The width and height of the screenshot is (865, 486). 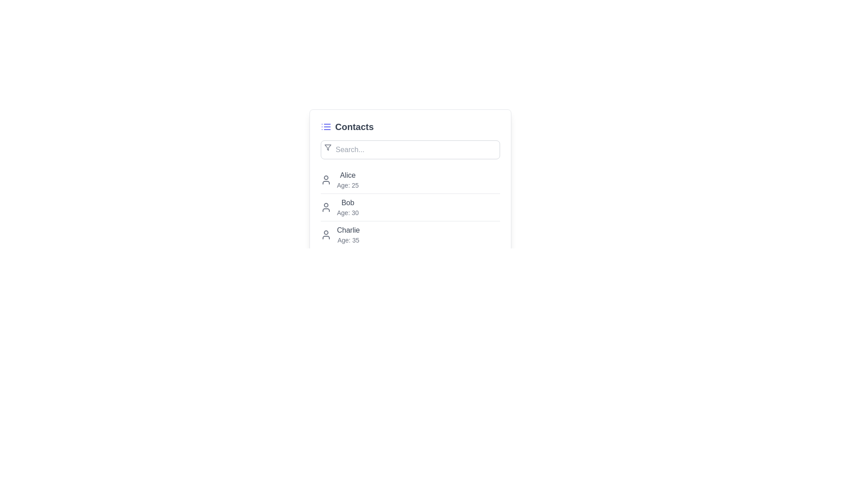 I want to click on topmost list item labeled 'Alice' that shows the age '25' for detailed information, so click(x=410, y=180).